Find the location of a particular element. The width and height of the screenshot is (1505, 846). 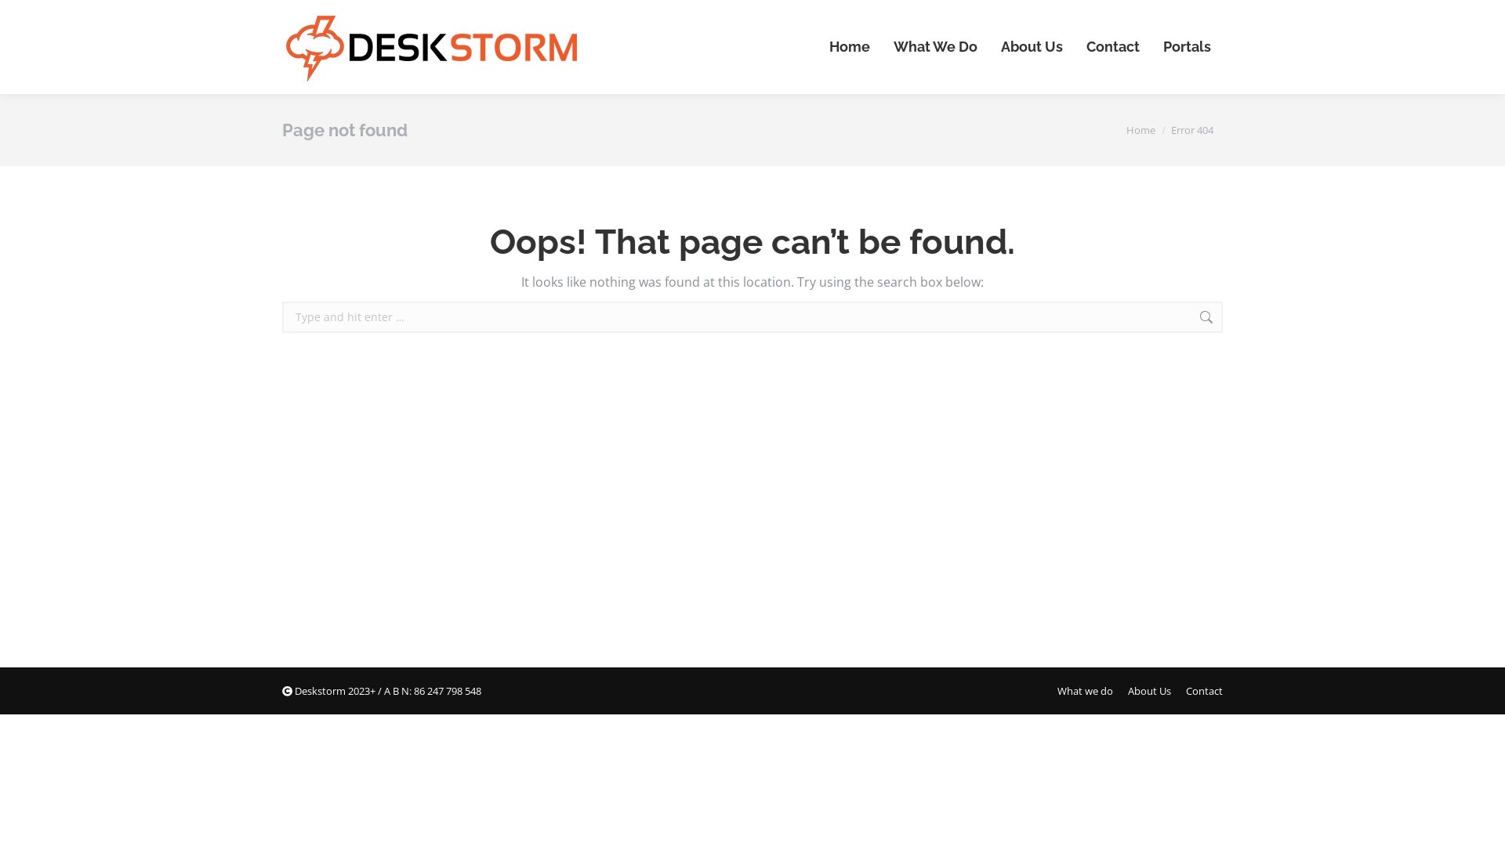

'Contact' is located at coordinates (1203, 689).